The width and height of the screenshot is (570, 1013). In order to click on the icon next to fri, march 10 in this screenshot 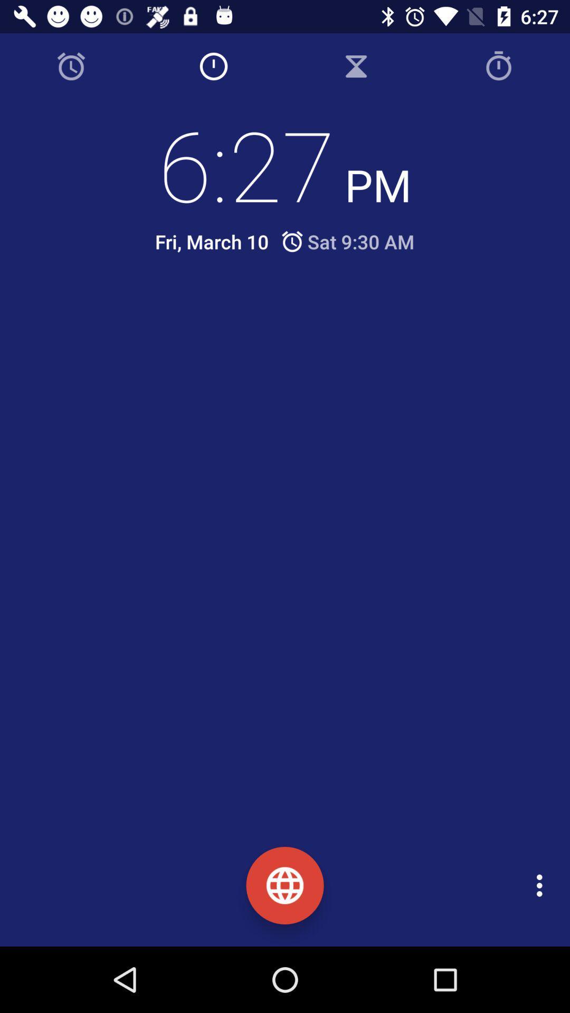, I will do `click(347, 241)`.